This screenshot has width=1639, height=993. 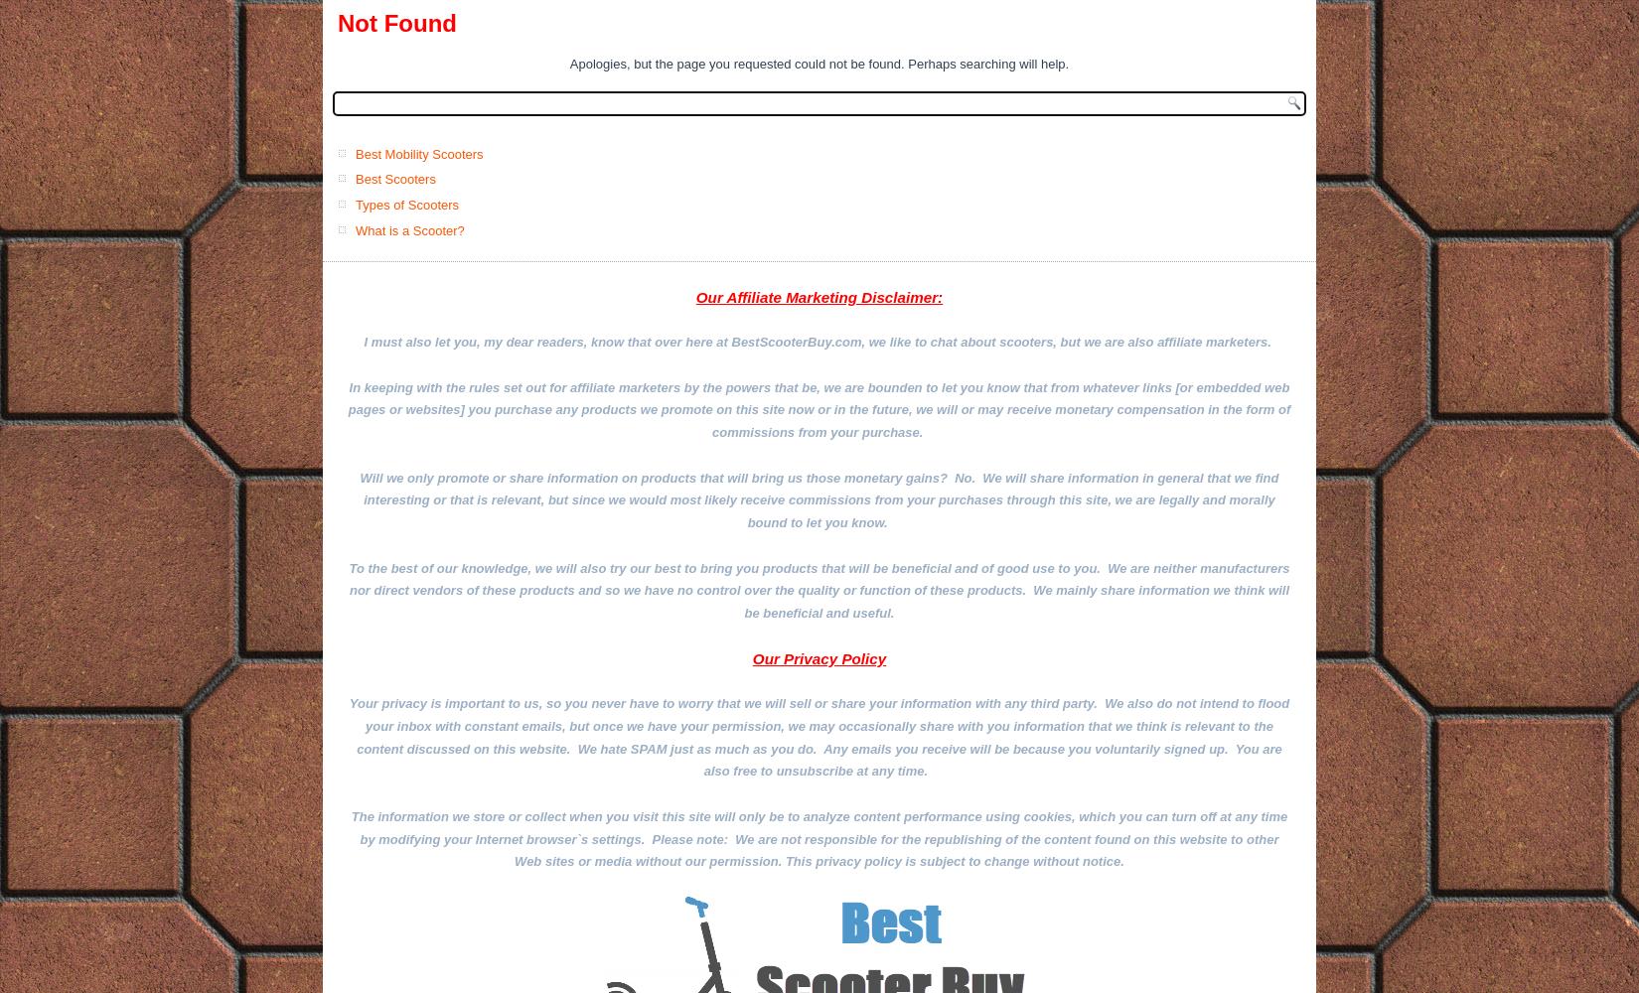 What do you see at coordinates (818, 736) in the screenshot?
I see `'Your privacy is important to us, so you never have to worry that we will sell or share your information with any third party.  We also do not intend to flood your inbox with constant emails, but once we have your permission, we may occasionally share with you information that we think is relevant to the content discussed on this website.  We hate SPAM just as much as you do.  Any emails you receive will be because you voluntarily signed up.  You are also free to unsubscribe at any time.'` at bounding box center [818, 736].